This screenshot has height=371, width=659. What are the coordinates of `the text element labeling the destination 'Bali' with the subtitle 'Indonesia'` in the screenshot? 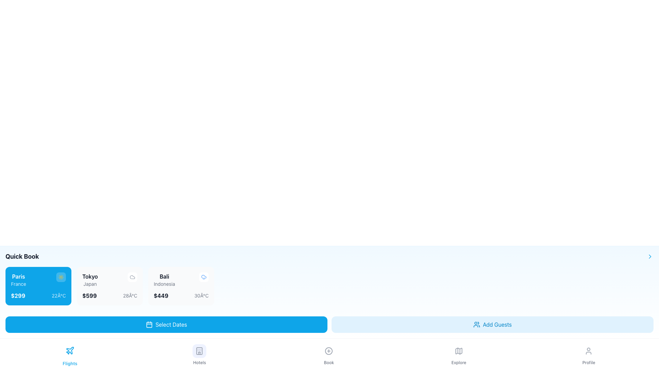 It's located at (164, 280).